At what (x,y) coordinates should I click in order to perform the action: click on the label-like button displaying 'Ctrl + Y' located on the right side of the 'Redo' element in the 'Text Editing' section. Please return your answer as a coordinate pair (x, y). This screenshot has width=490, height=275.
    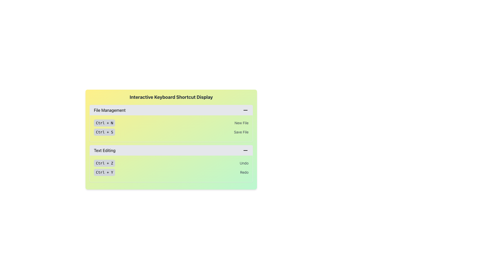
    Looking at the image, I should click on (104, 172).